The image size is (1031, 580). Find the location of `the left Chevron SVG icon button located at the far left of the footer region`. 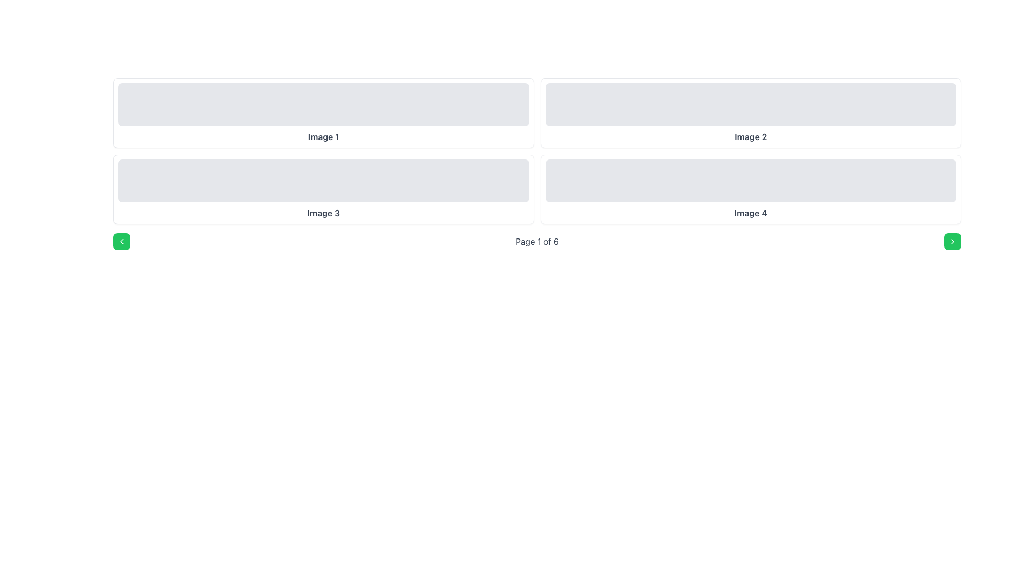

the left Chevron SVG icon button located at the far left of the footer region is located at coordinates (121, 242).